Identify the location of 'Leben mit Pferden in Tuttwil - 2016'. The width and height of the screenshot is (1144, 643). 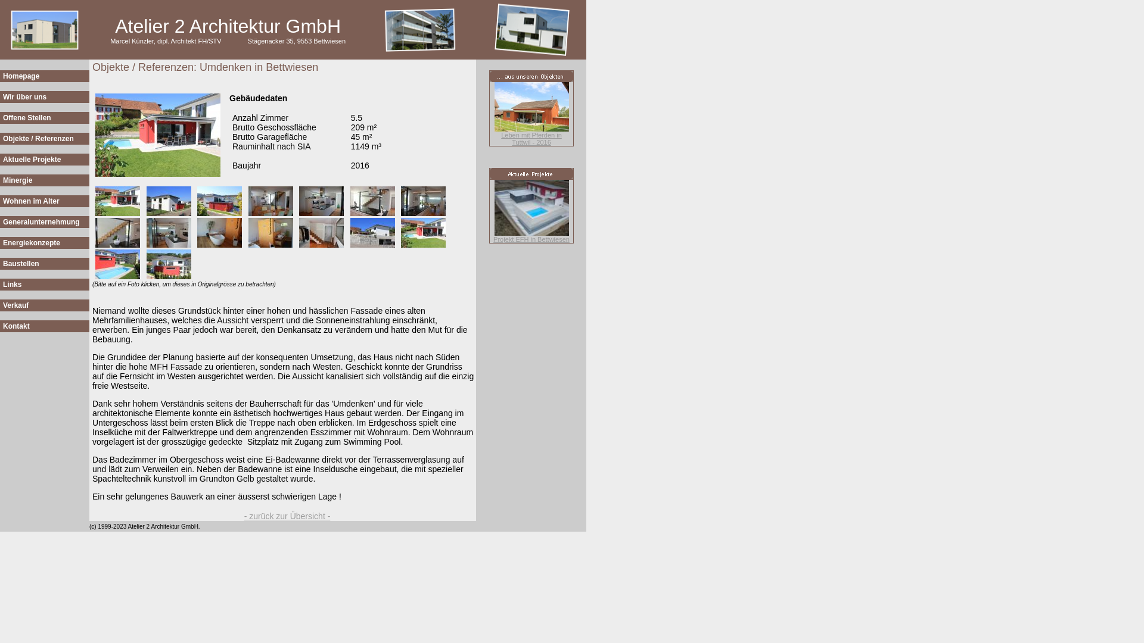
(531, 138).